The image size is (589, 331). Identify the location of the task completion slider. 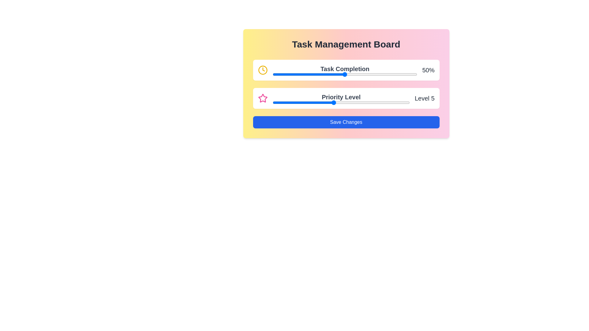
(290, 74).